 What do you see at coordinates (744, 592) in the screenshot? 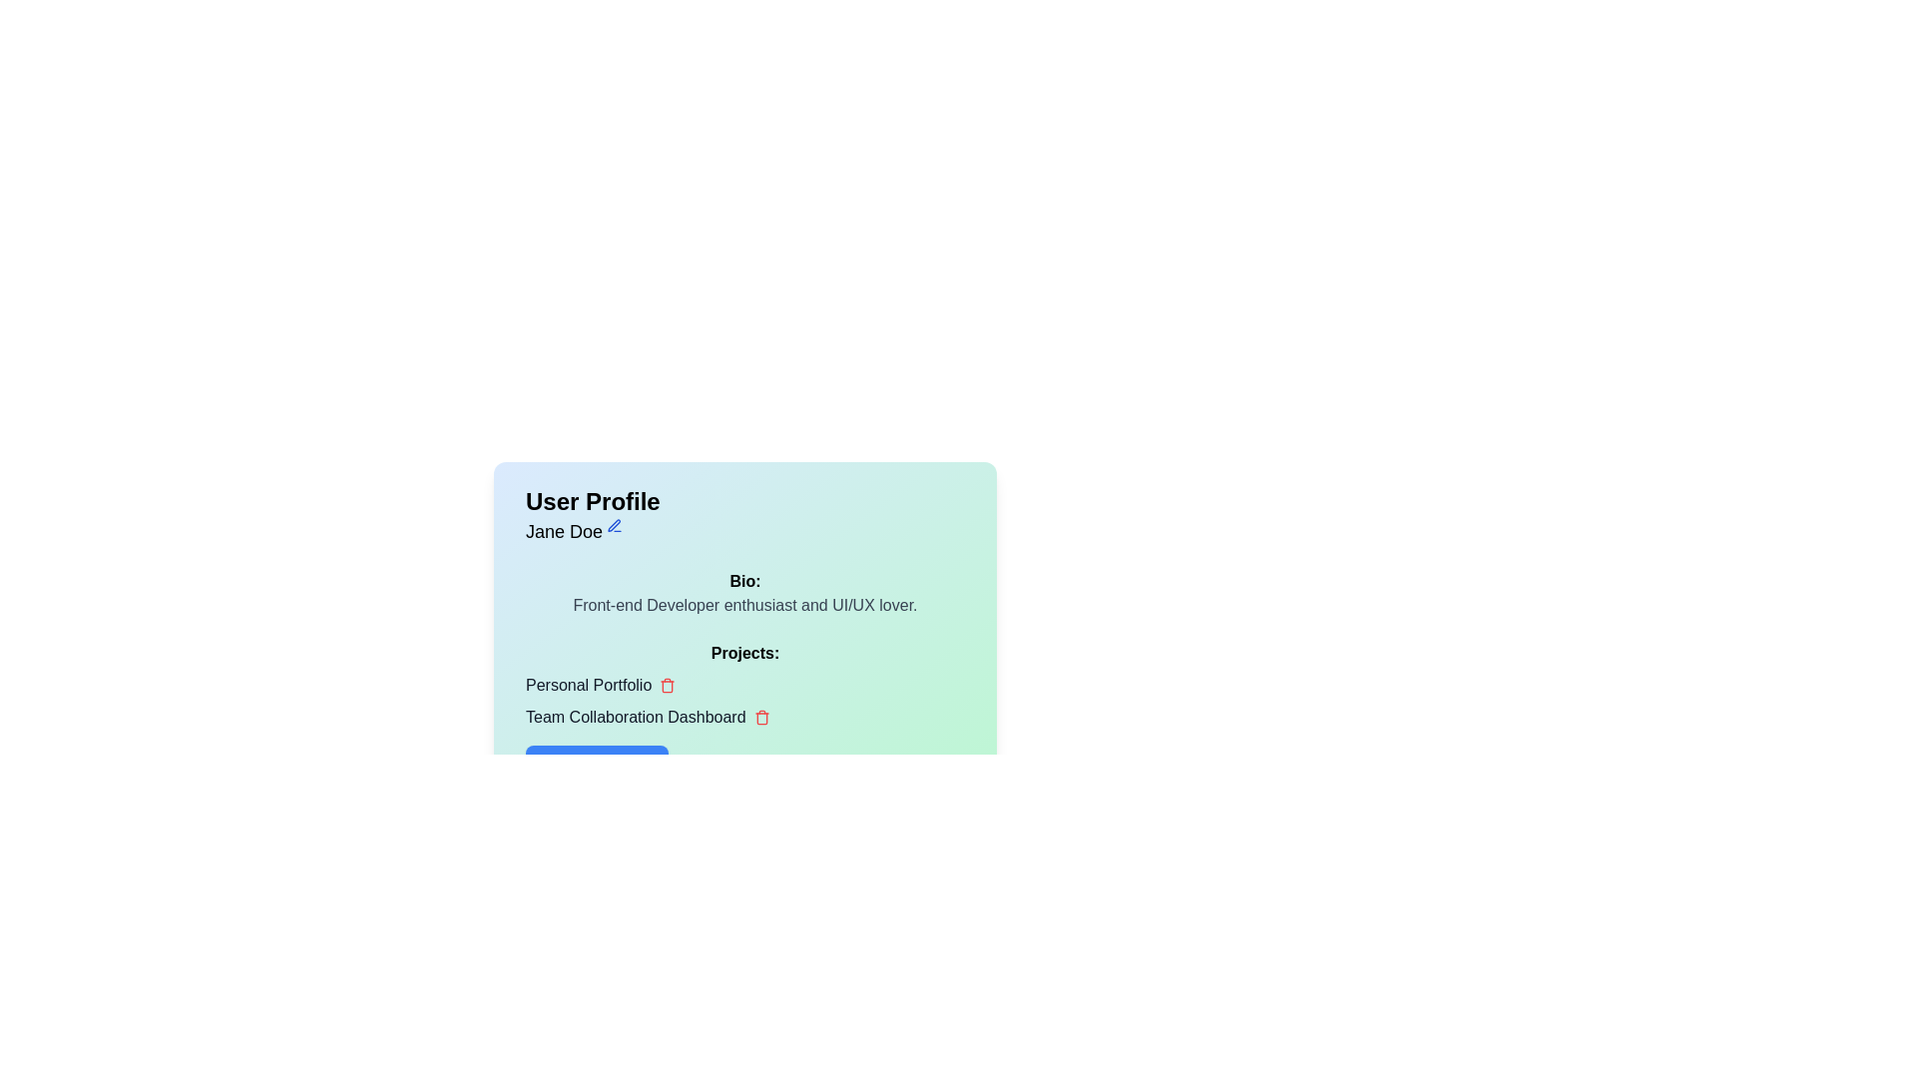
I see `description displayed in the text label 'Bio:' which states 'Front-end Developer enthusiast and UI/UX lover.'` at bounding box center [744, 592].